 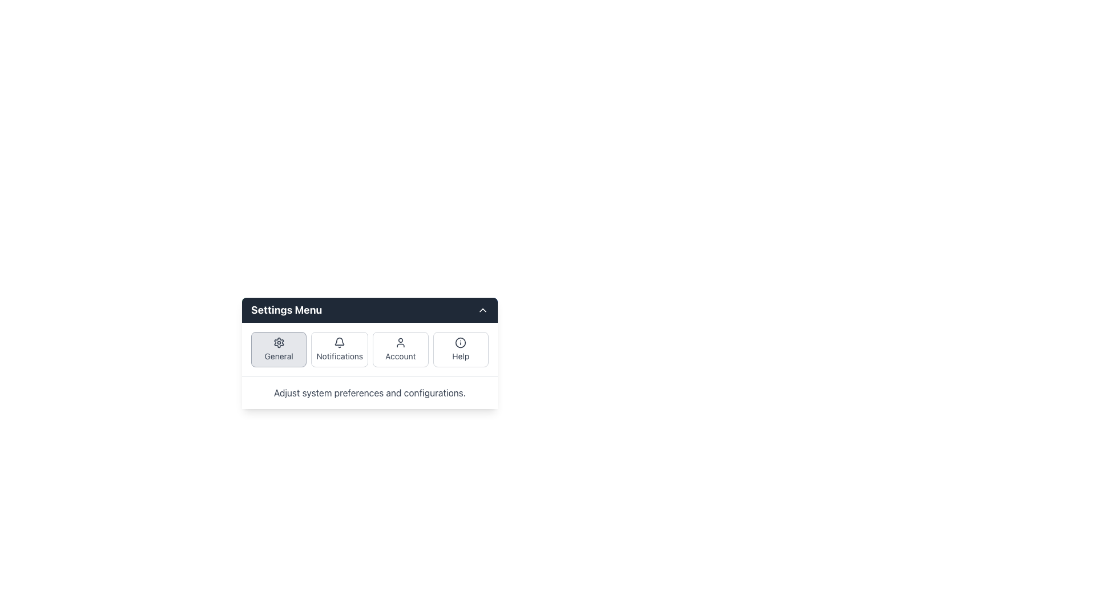 What do you see at coordinates (460, 342) in the screenshot?
I see `the circular information icon located in the 'Help' section of the settings menu` at bounding box center [460, 342].